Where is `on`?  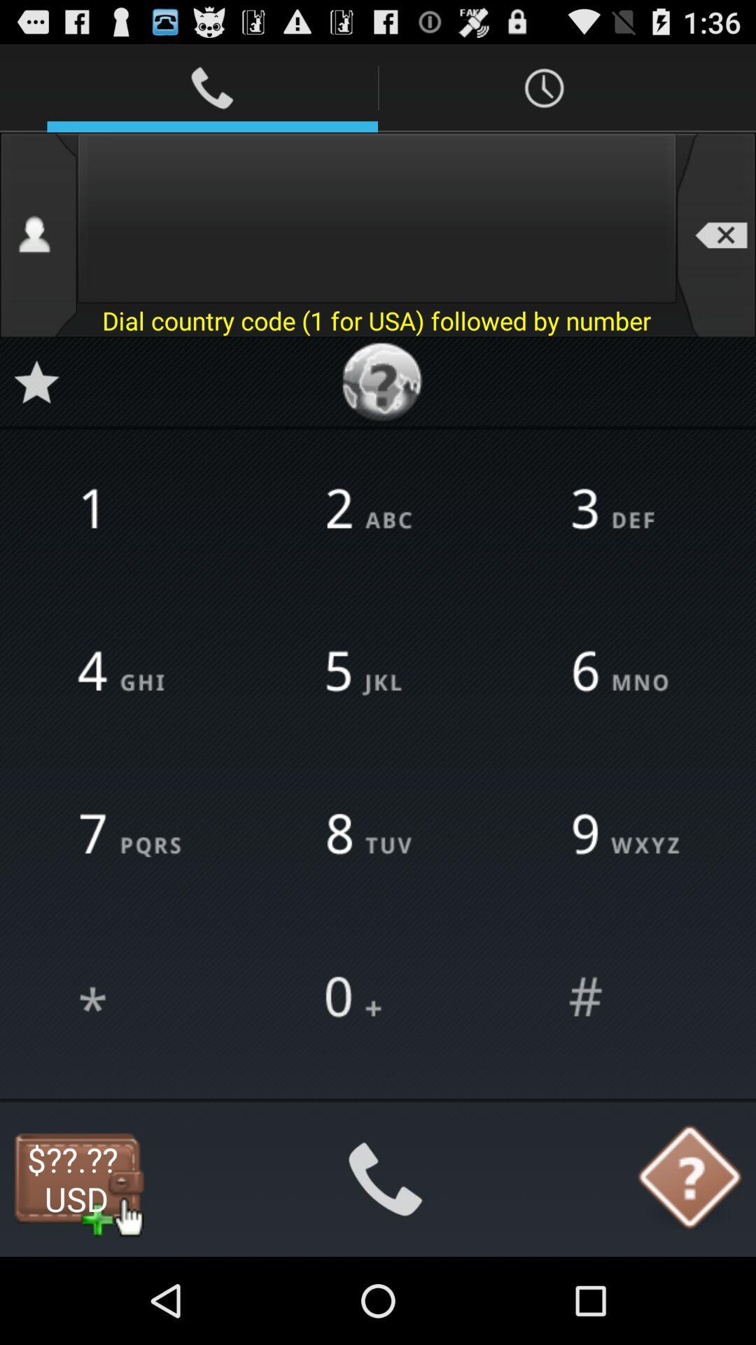 on is located at coordinates (132, 998).